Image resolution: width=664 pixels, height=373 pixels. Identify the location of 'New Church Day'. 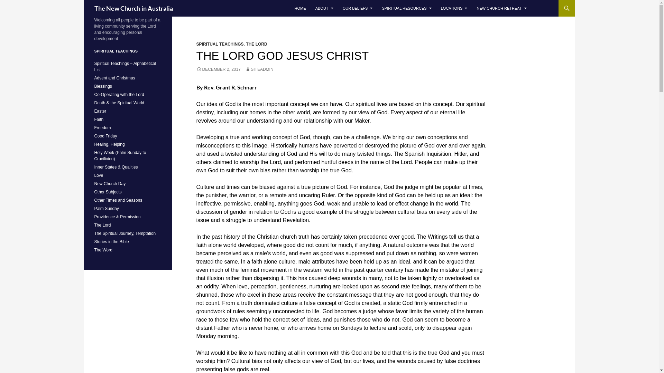
(109, 183).